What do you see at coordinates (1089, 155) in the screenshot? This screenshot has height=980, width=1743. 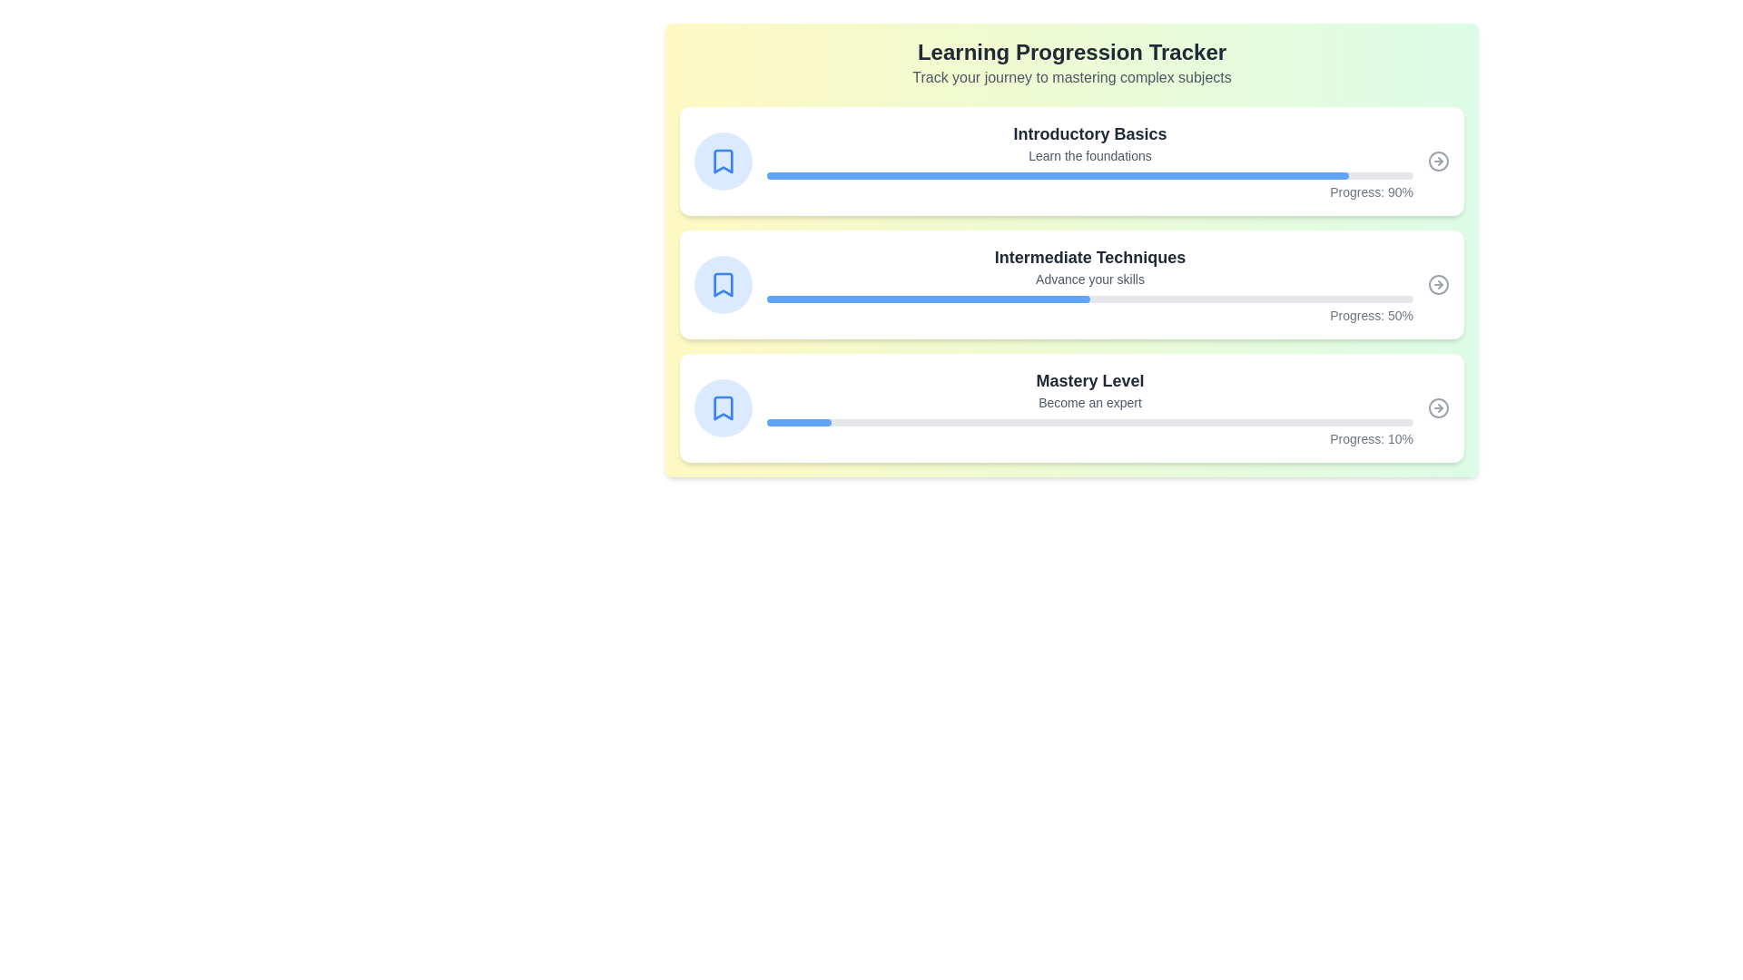 I see `text label that provides information about the content details of the introductory section of the learning tracker, which is located below the 'Introductory Basics' title` at bounding box center [1089, 155].